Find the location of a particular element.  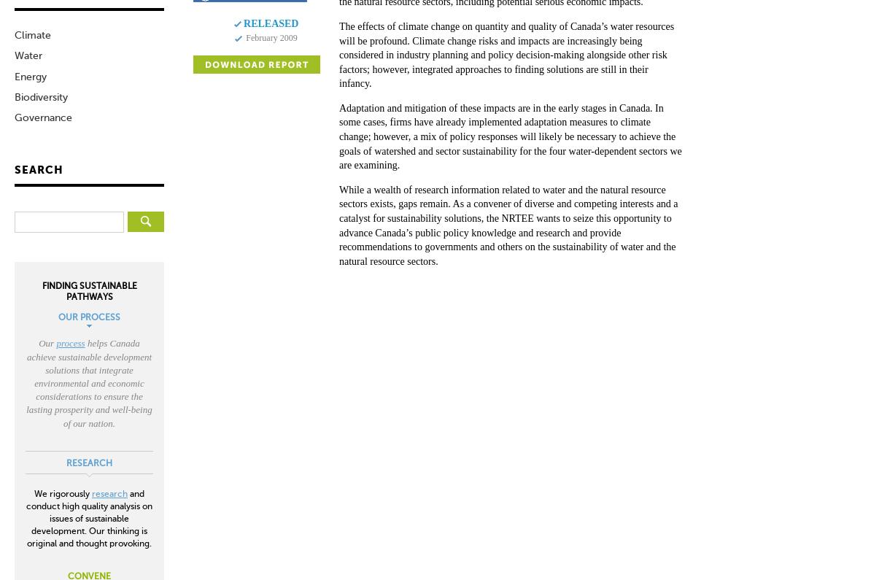

'Adaptation and mitigation of these impacts are in the early stages in Canada.  In some cases, firms have already implemented adaptation measures to climate change; however, a mix of policy responses will likely be necessary to achieve the goals of watershed and sector sustainability for the four water-dependent sectors we are examining.' is located at coordinates (509, 136).